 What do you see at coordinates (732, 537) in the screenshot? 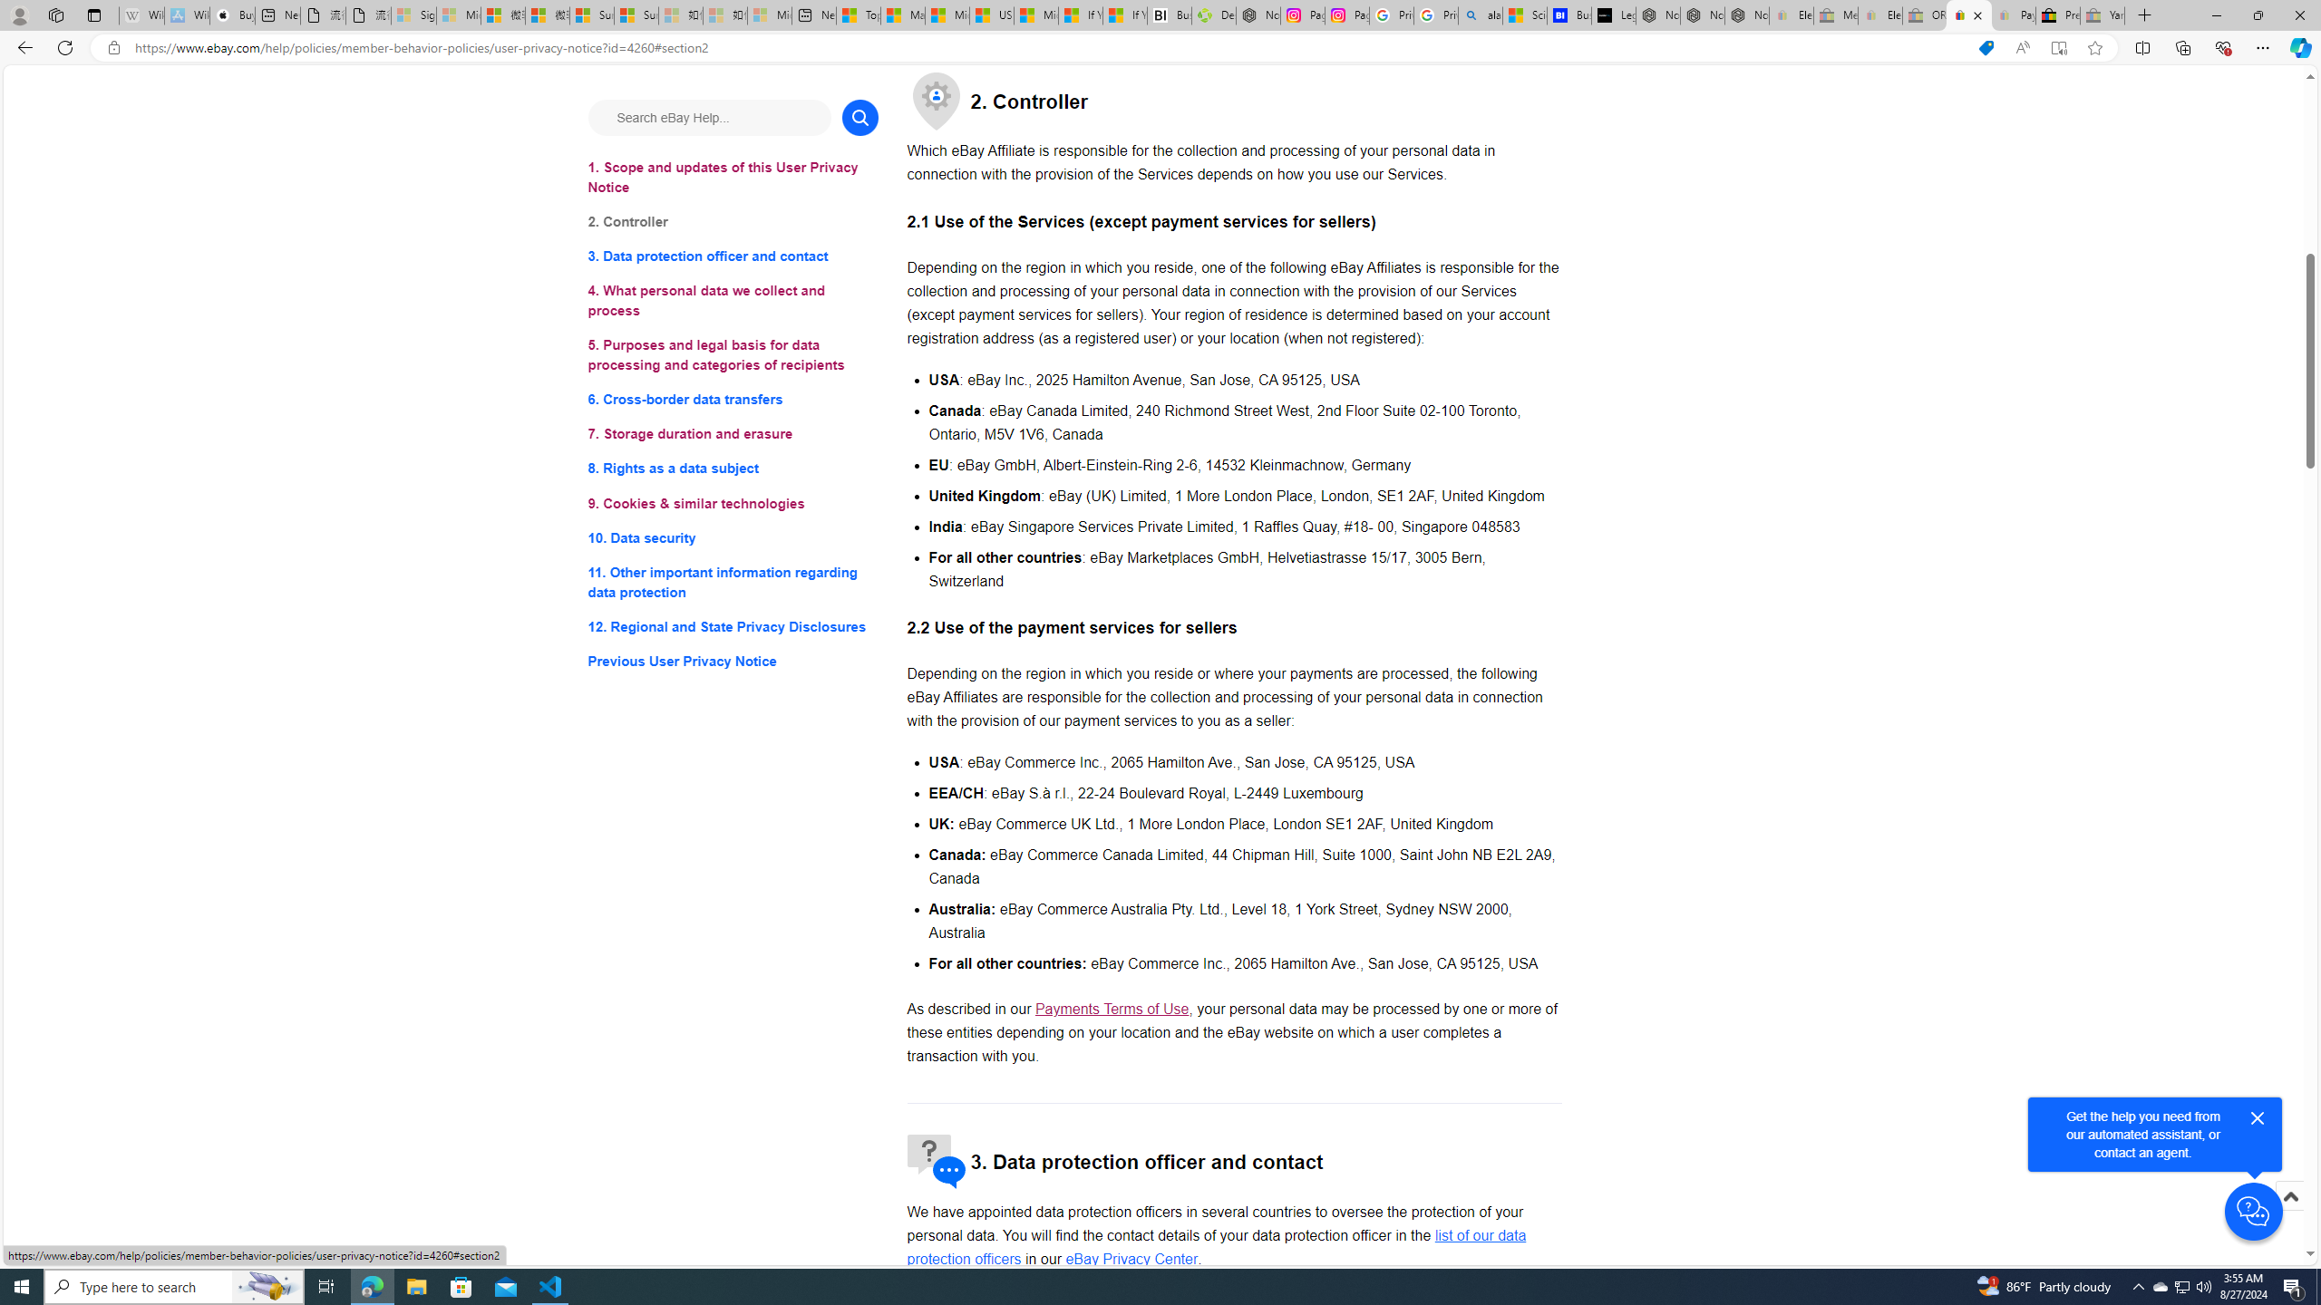
I see `'10. Data security'` at bounding box center [732, 537].